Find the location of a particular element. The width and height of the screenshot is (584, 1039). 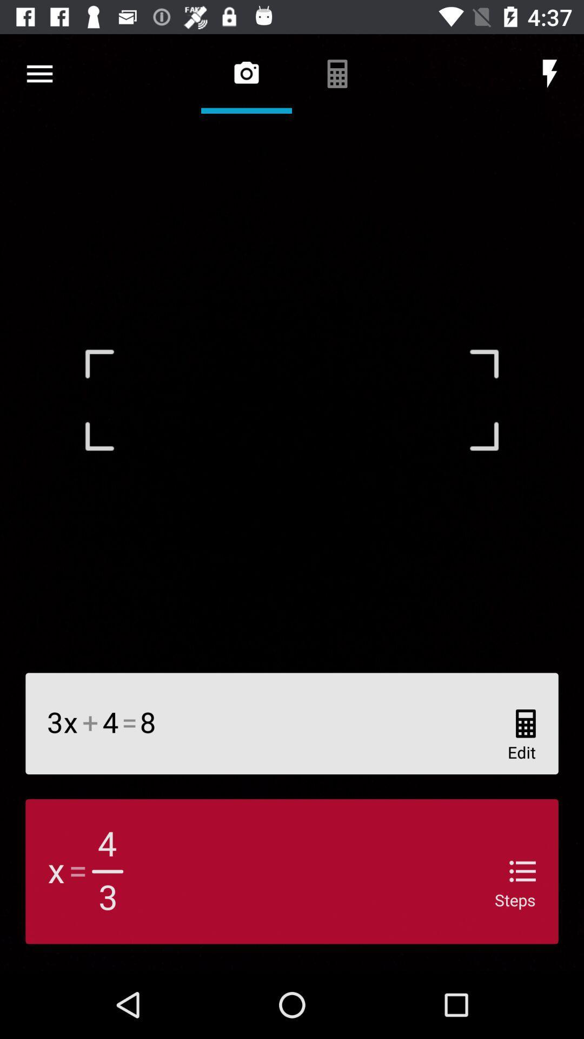

menu bar is located at coordinates (39, 73).